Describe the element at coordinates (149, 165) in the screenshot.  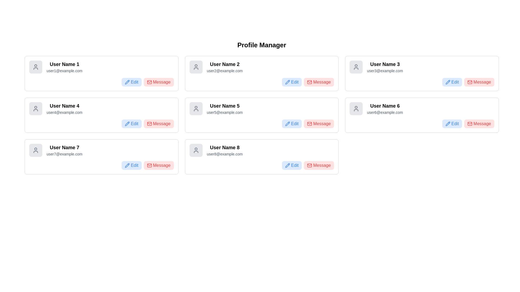
I see `the decorative graphic element that resembles an envelope, which is part of the 'Message' button beneath the profile entry for 'User Name 7'` at that location.